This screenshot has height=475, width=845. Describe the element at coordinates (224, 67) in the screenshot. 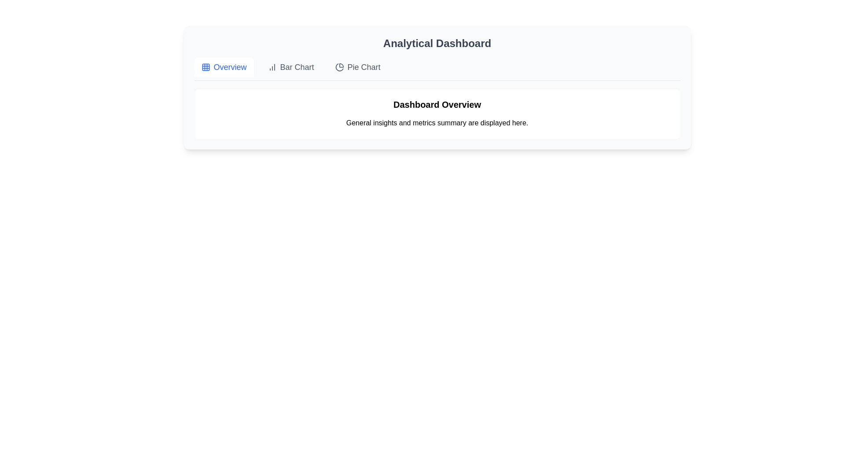

I see `the active 'Overview' Navigation Tab, which has a grid icon and is styled with light blue text and a white background` at that location.